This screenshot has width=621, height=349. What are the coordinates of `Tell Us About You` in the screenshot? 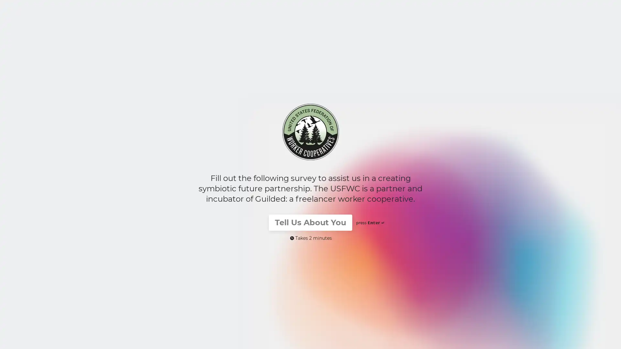 It's located at (310, 222).